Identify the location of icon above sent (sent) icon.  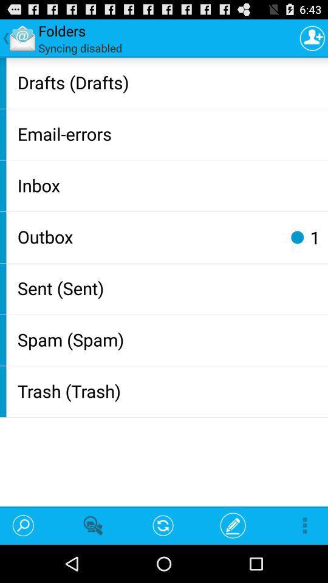
(296, 236).